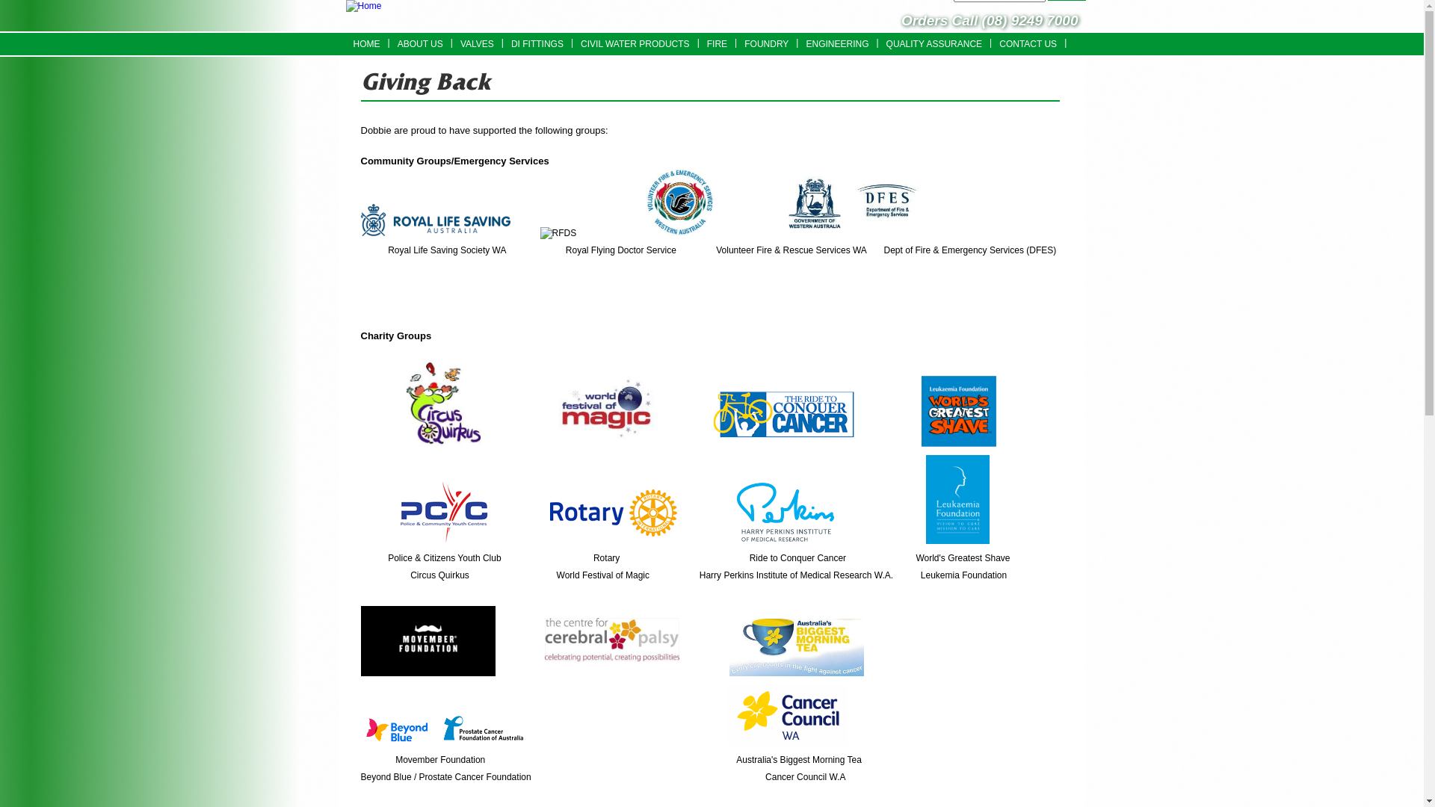  What do you see at coordinates (365, 43) in the screenshot?
I see `'HOME'` at bounding box center [365, 43].